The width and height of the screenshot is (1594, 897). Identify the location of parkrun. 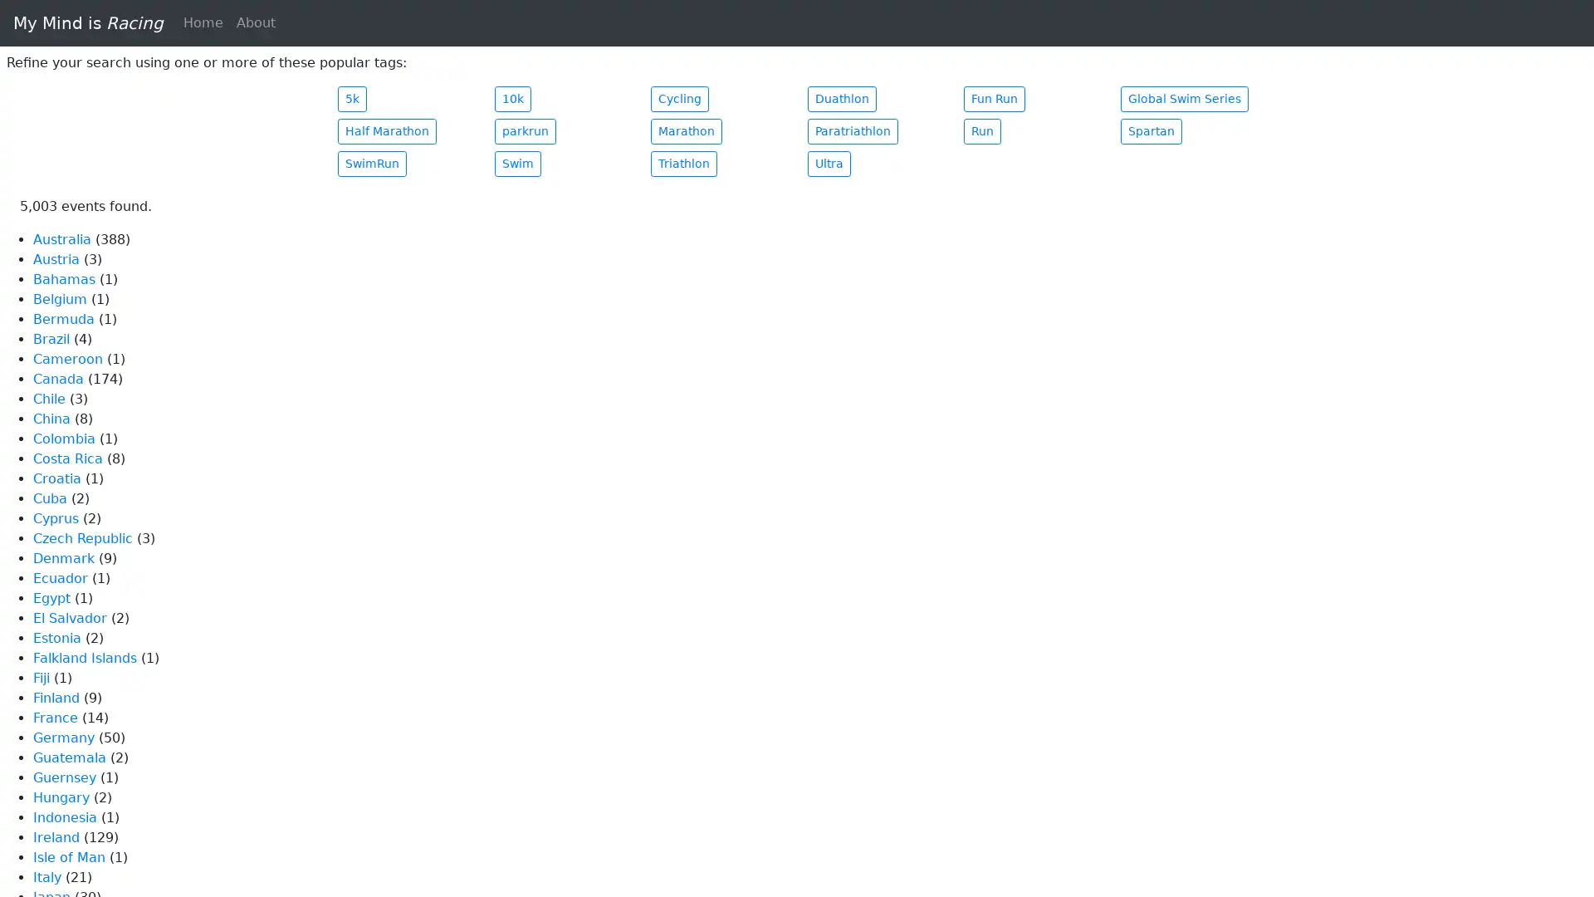
(524, 130).